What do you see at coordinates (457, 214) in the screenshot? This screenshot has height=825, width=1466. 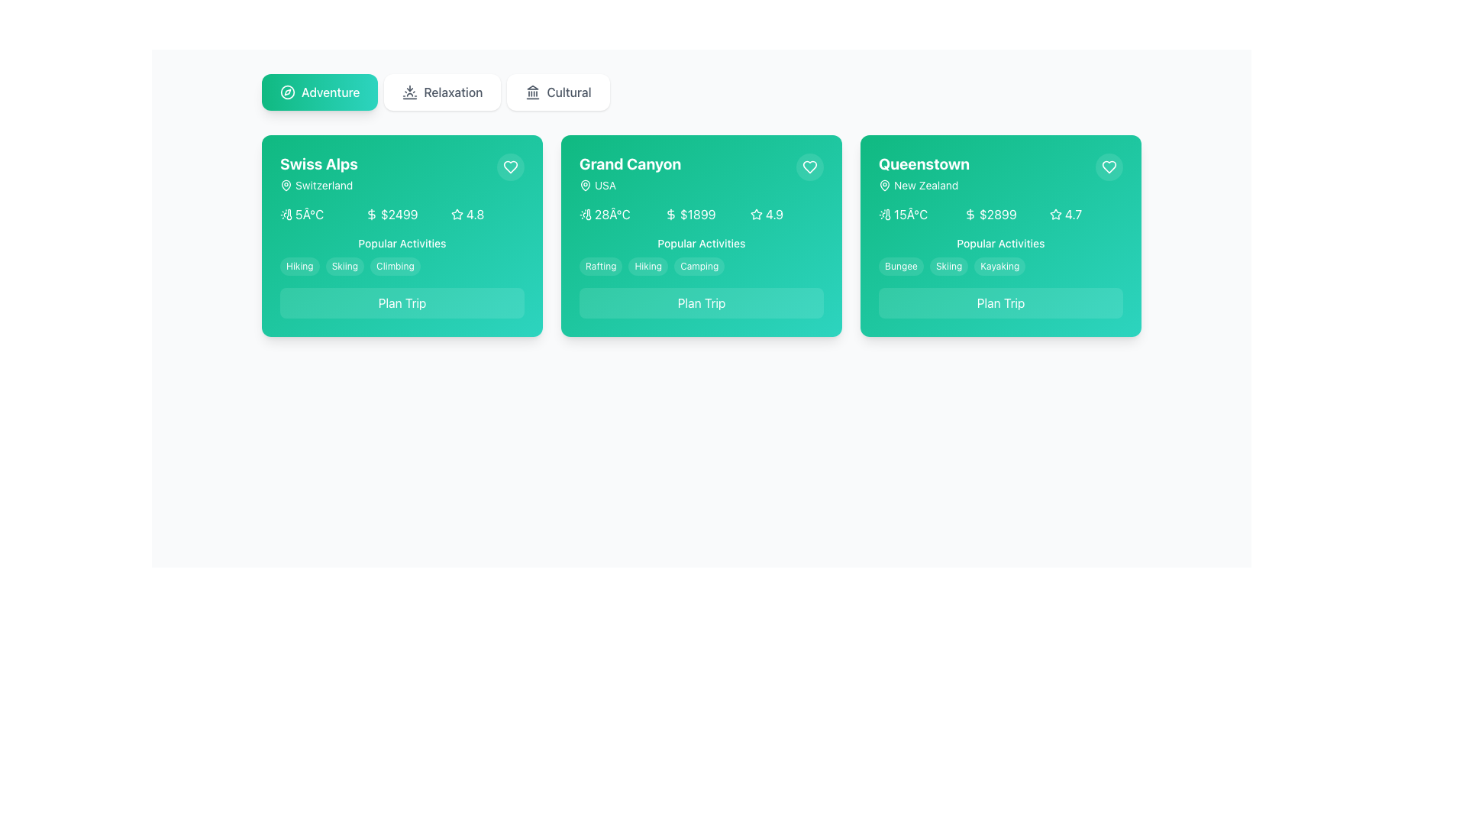 I see `the star icon in the top-right area of the 'Swiss Alps' card to interact with the rating system` at bounding box center [457, 214].